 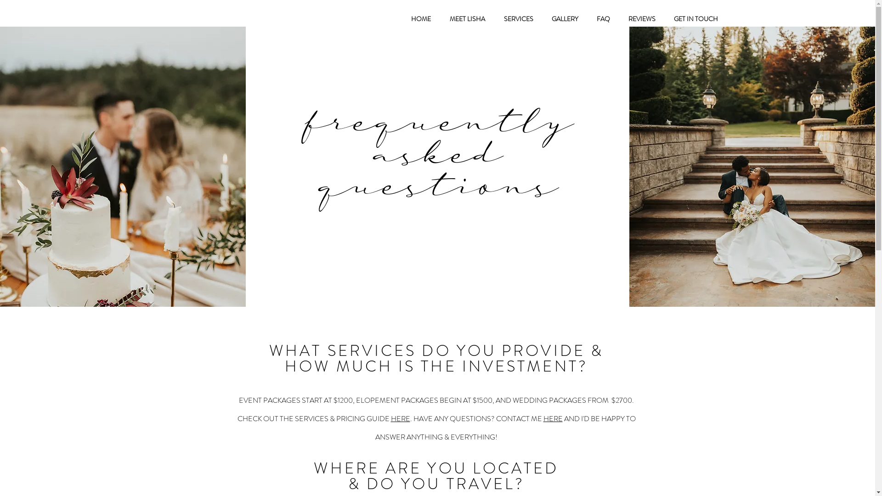 What do you see at coordinates (409, 418) in the screenshot?
I see `'.'` at bounding box center [409, 418].